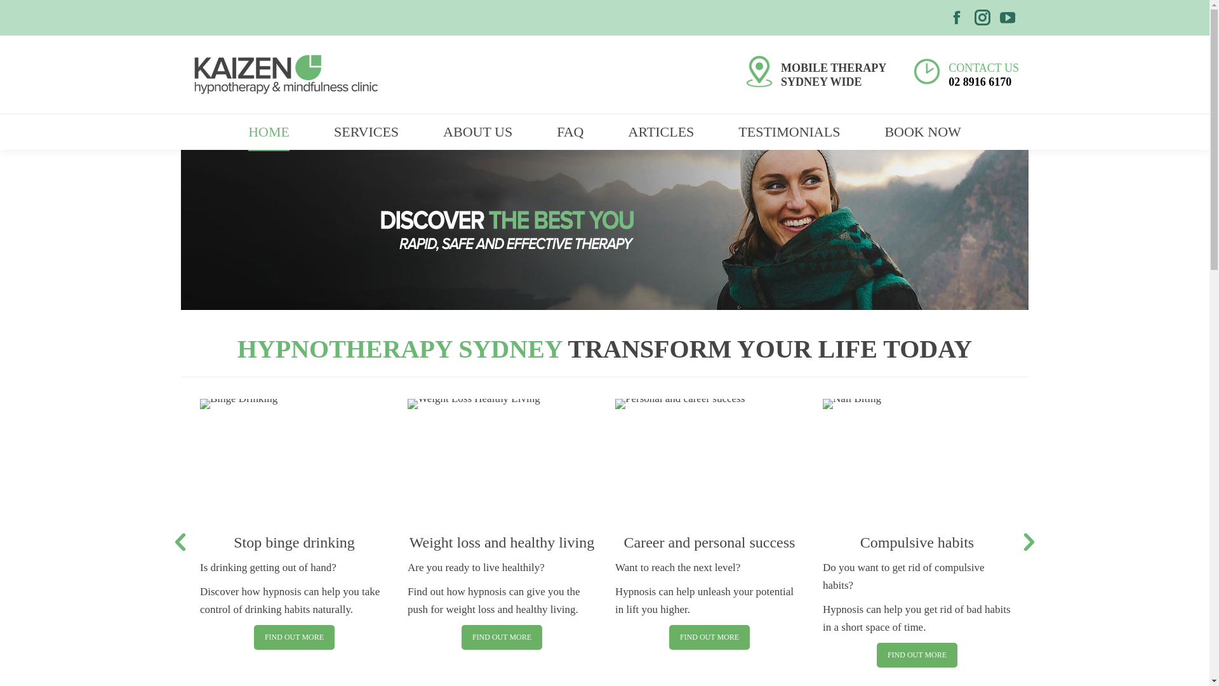 This screenshot has height=686, width=1219. What do you see at coordinates (981, 17) in the screenshot?
I see `'Instagram page opens in new window'` at bounding box center [981, 17].